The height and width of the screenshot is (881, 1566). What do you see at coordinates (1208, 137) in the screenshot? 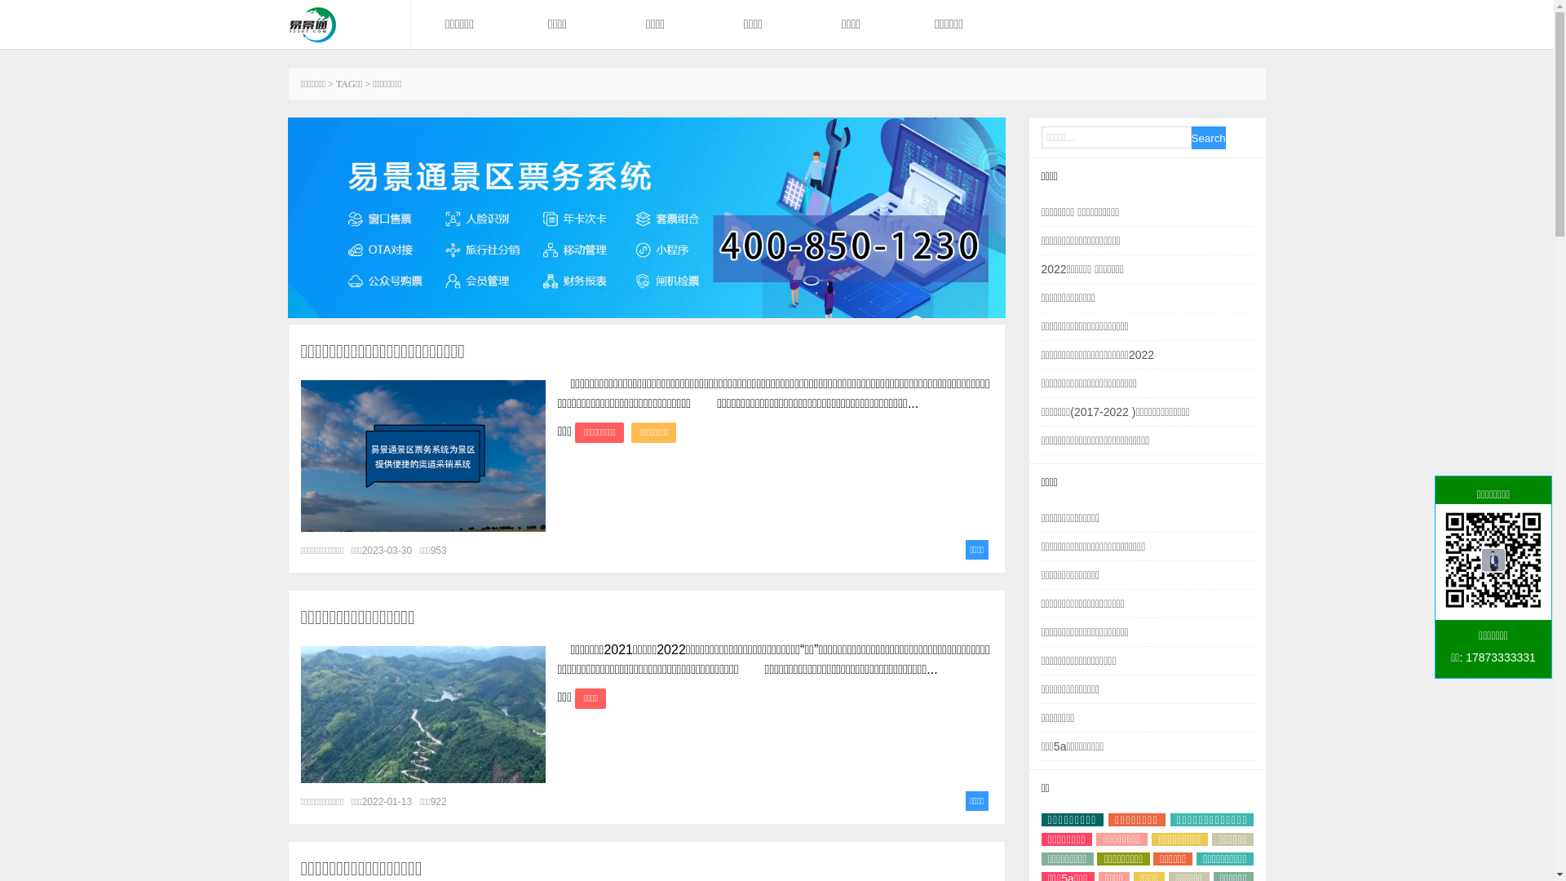
I see `'Search'` at bounding box center [1208, 137].